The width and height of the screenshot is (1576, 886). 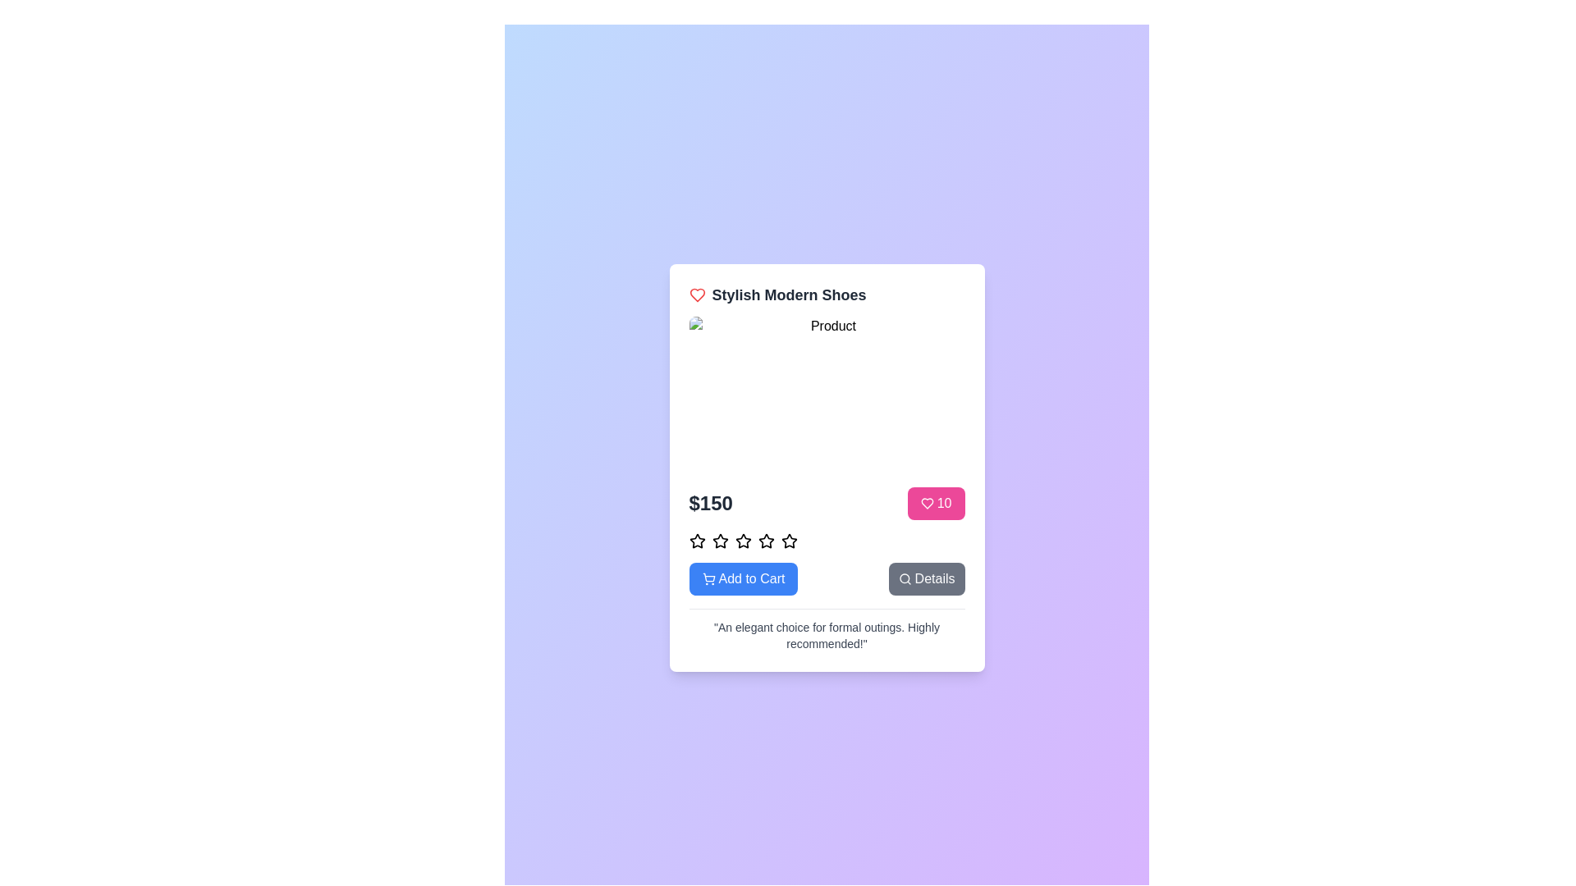 I want to click on the individual stars in the horizontal star rating bar located below the price information ('$150'), so click(x=827, y=541).